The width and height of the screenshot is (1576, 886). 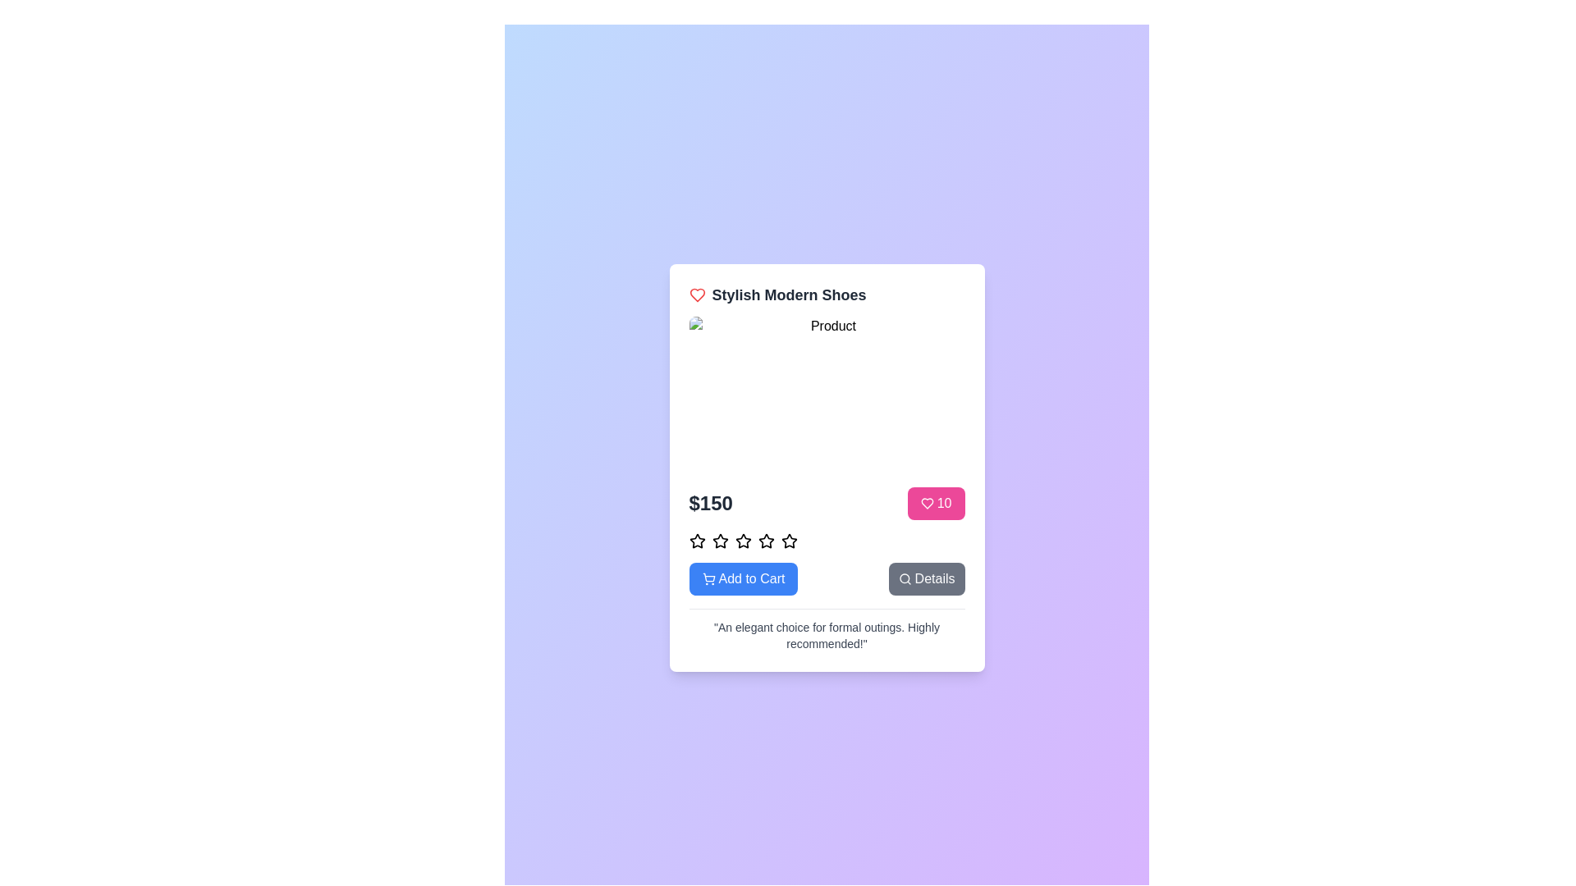 I want to click on the individual stars in the horizontal star rating bar located below the price information ('$150'), so click(x=827, y=541).